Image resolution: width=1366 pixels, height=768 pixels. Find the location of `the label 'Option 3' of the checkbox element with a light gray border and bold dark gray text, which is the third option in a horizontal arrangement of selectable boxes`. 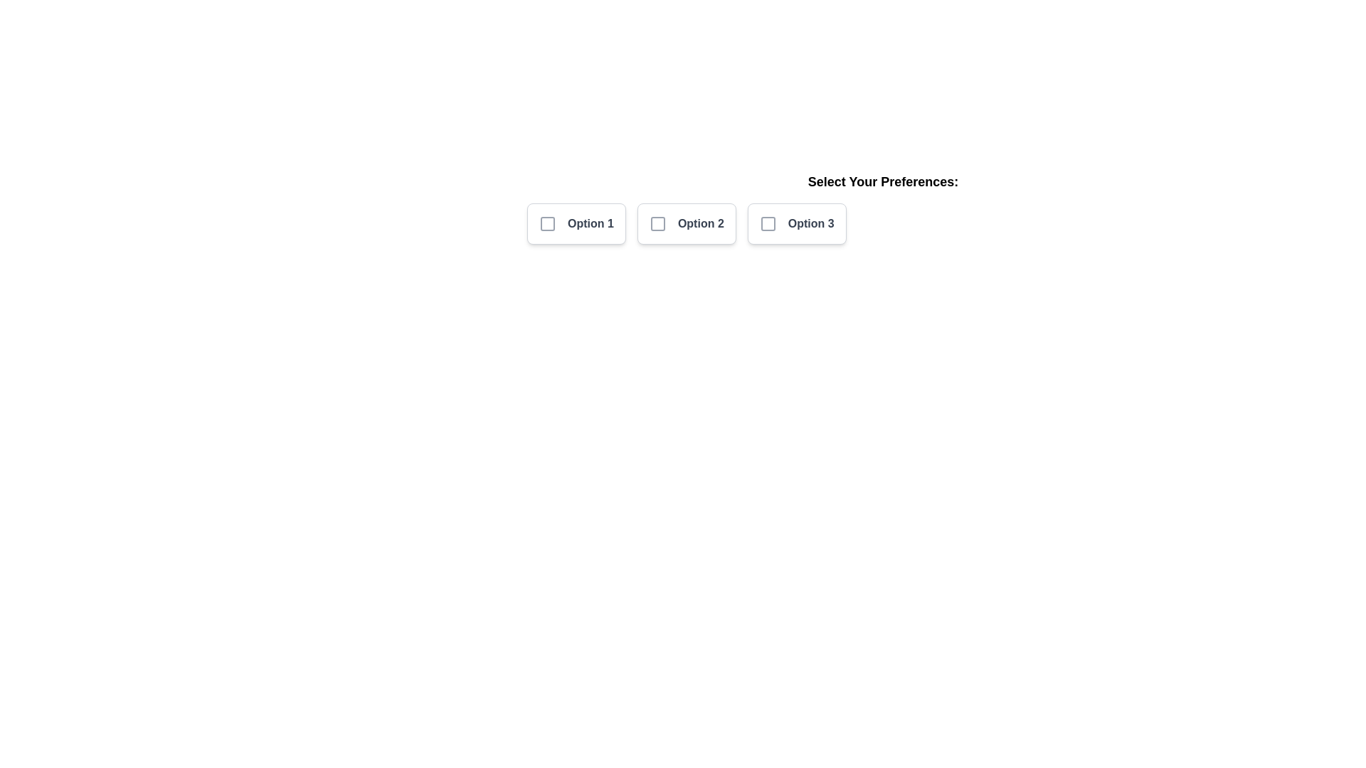

the label 'Option 3' of the checkbox element with a light gray border and bold dark gray text, which is the third option in a horizontal arrangement of selectable boxes is located at coordinates (797, 224).